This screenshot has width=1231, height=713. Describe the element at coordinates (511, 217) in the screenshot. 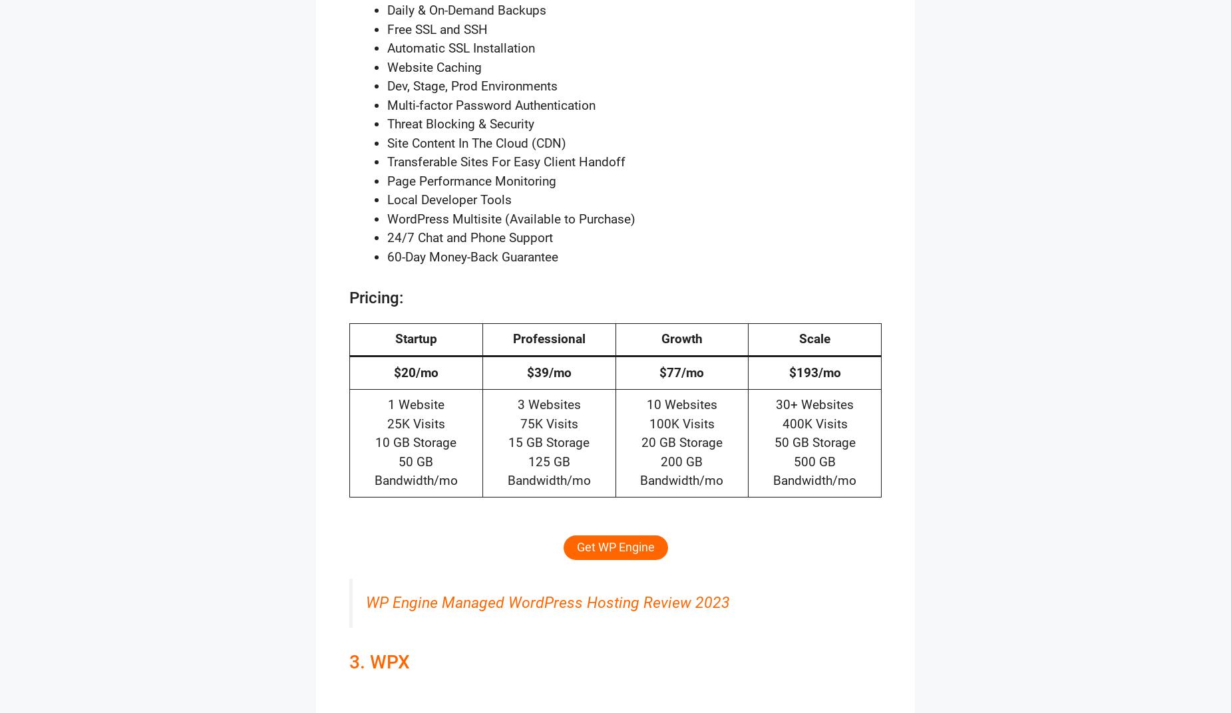

I see `'WordPress Multisite (Available to Purchase)'` at that location.